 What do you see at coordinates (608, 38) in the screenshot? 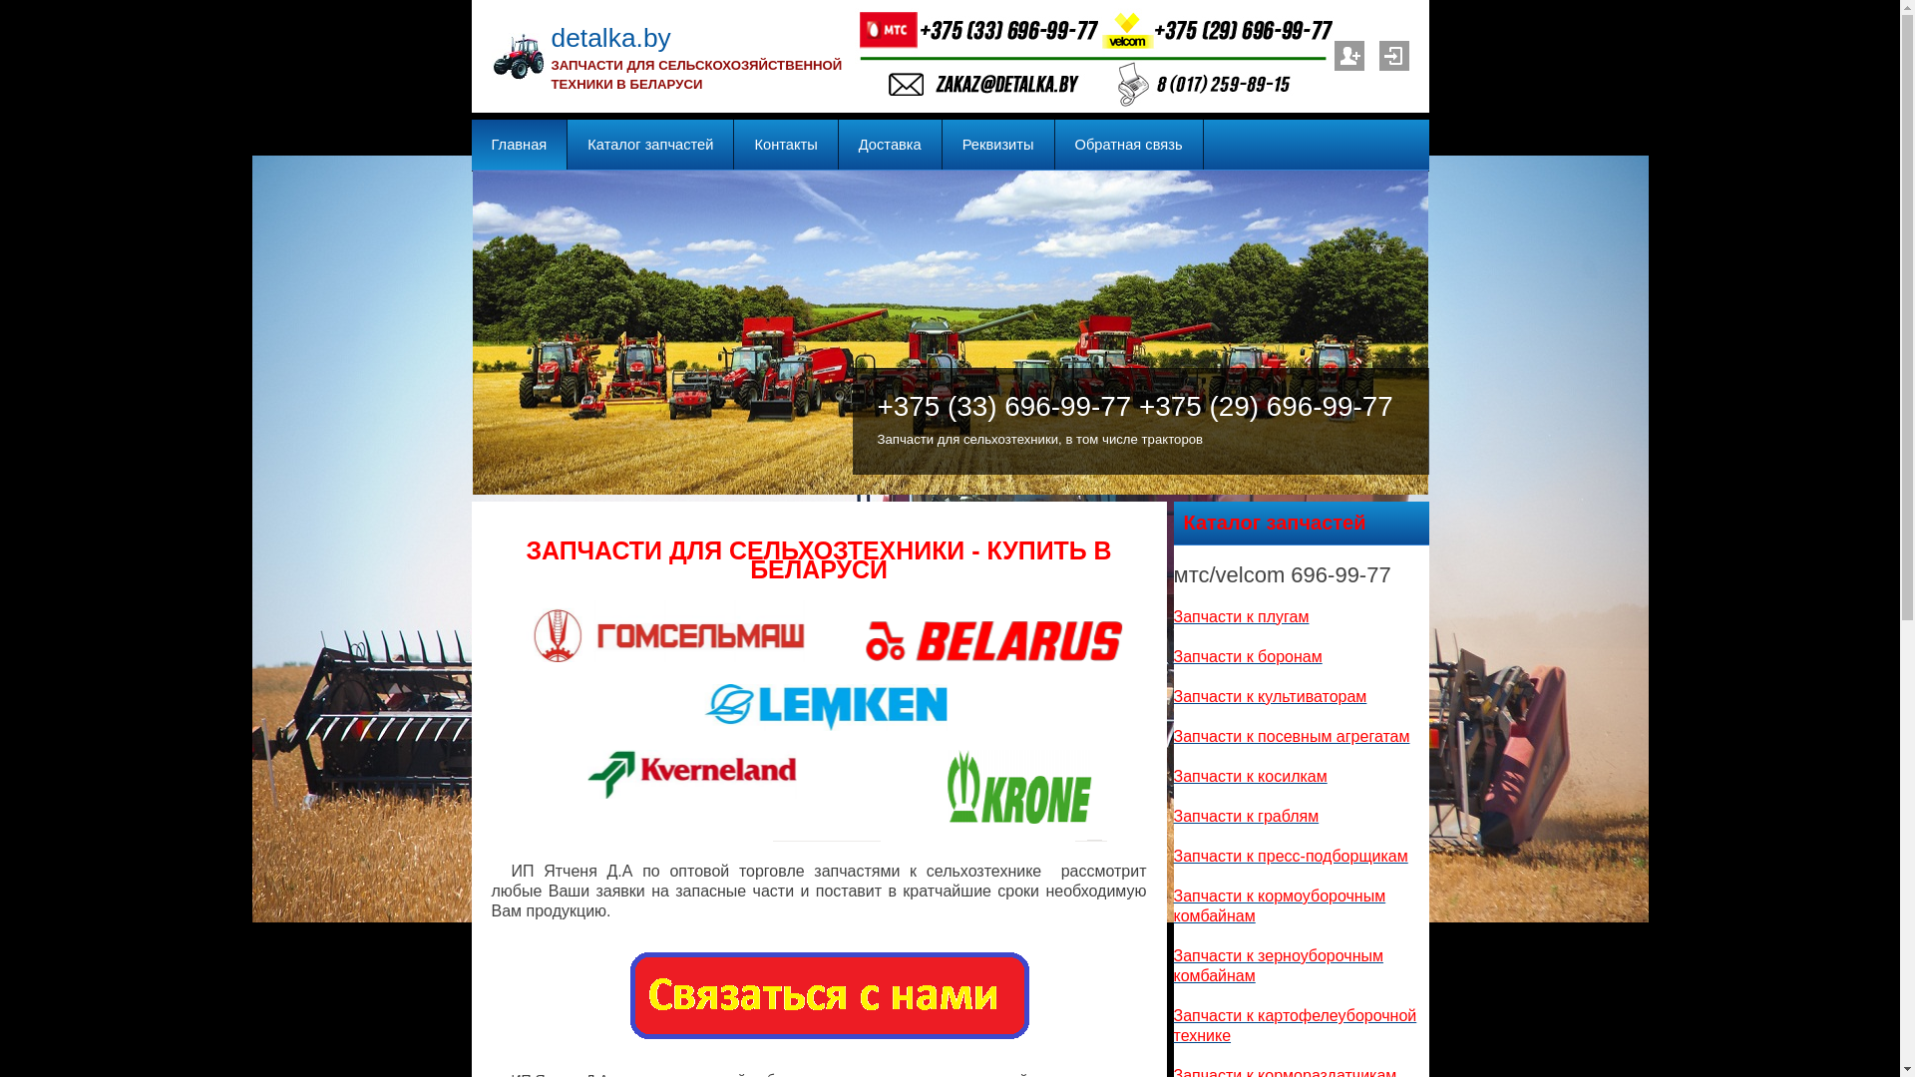
I see `'detalka.by'` at bounding box center [608, 38].